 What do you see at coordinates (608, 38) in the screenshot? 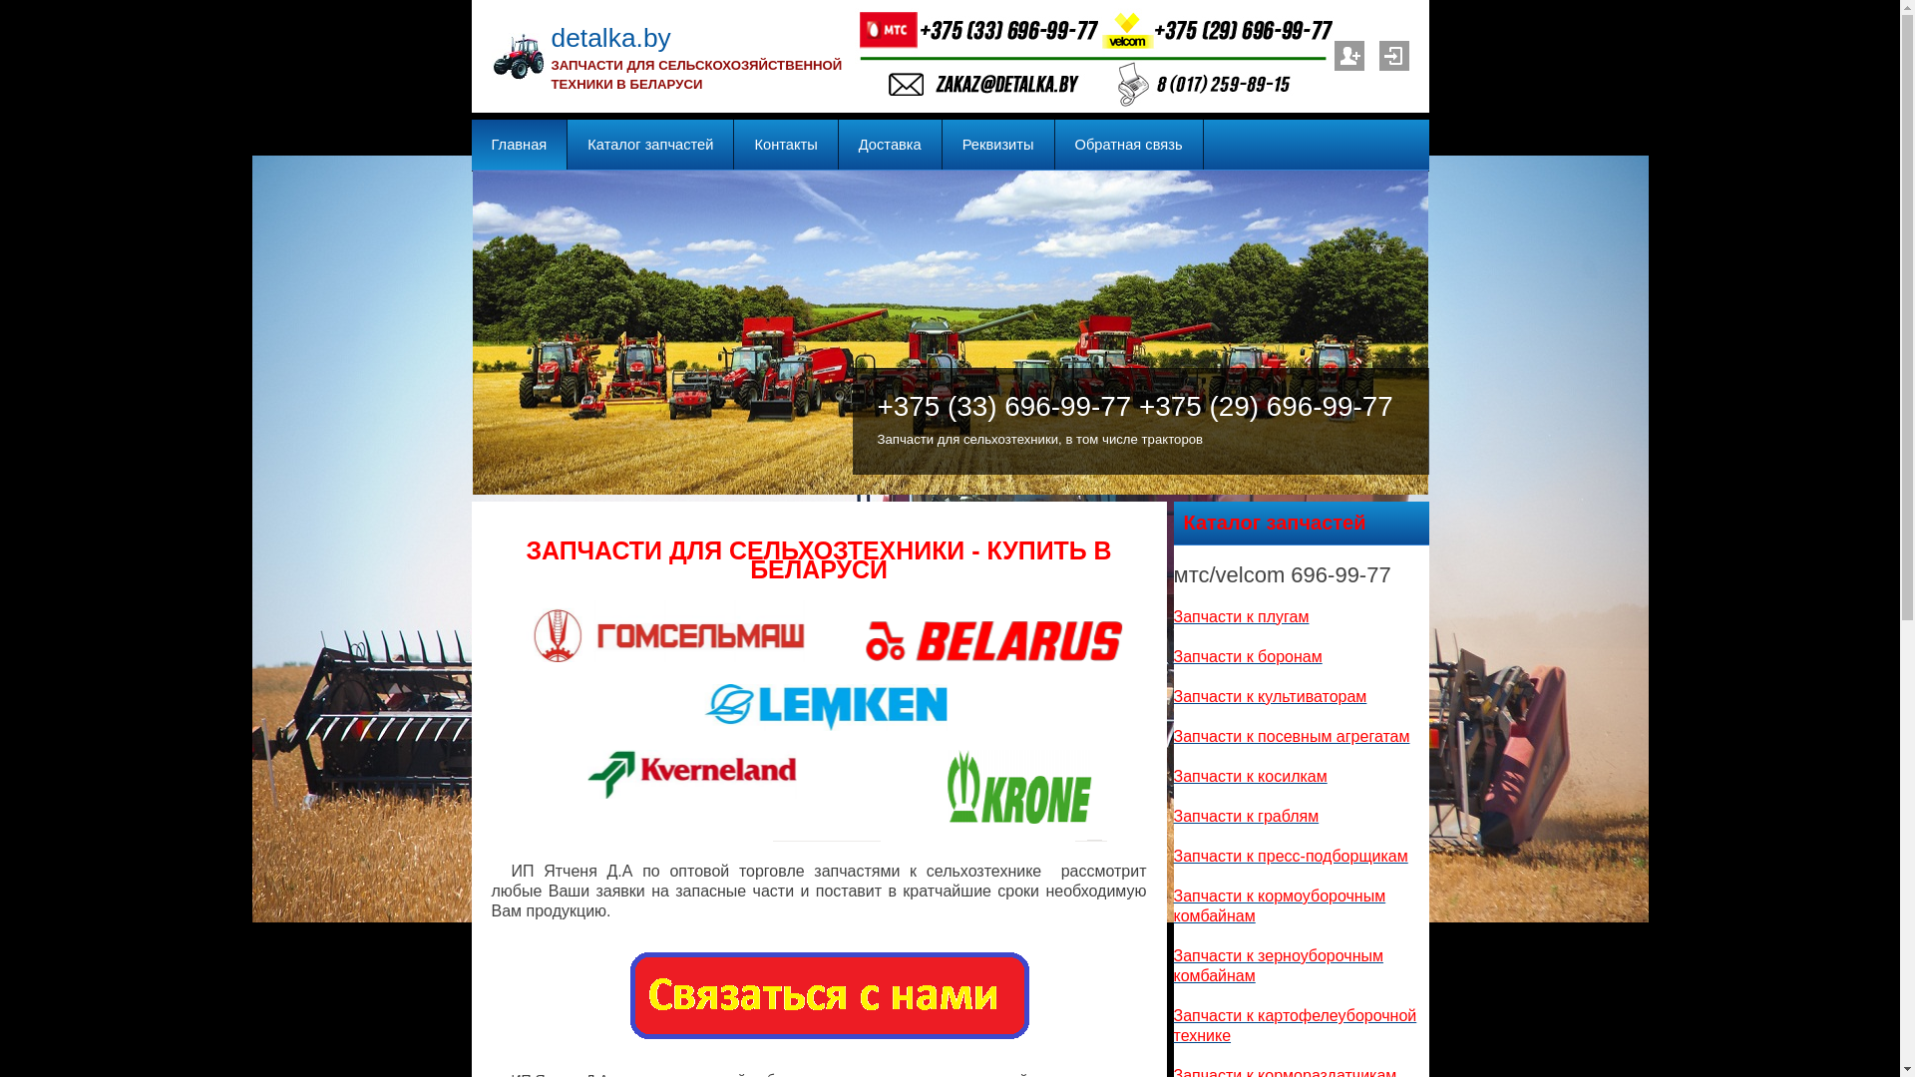
I see `'detalka.by'` at bounding box center [608, 38].